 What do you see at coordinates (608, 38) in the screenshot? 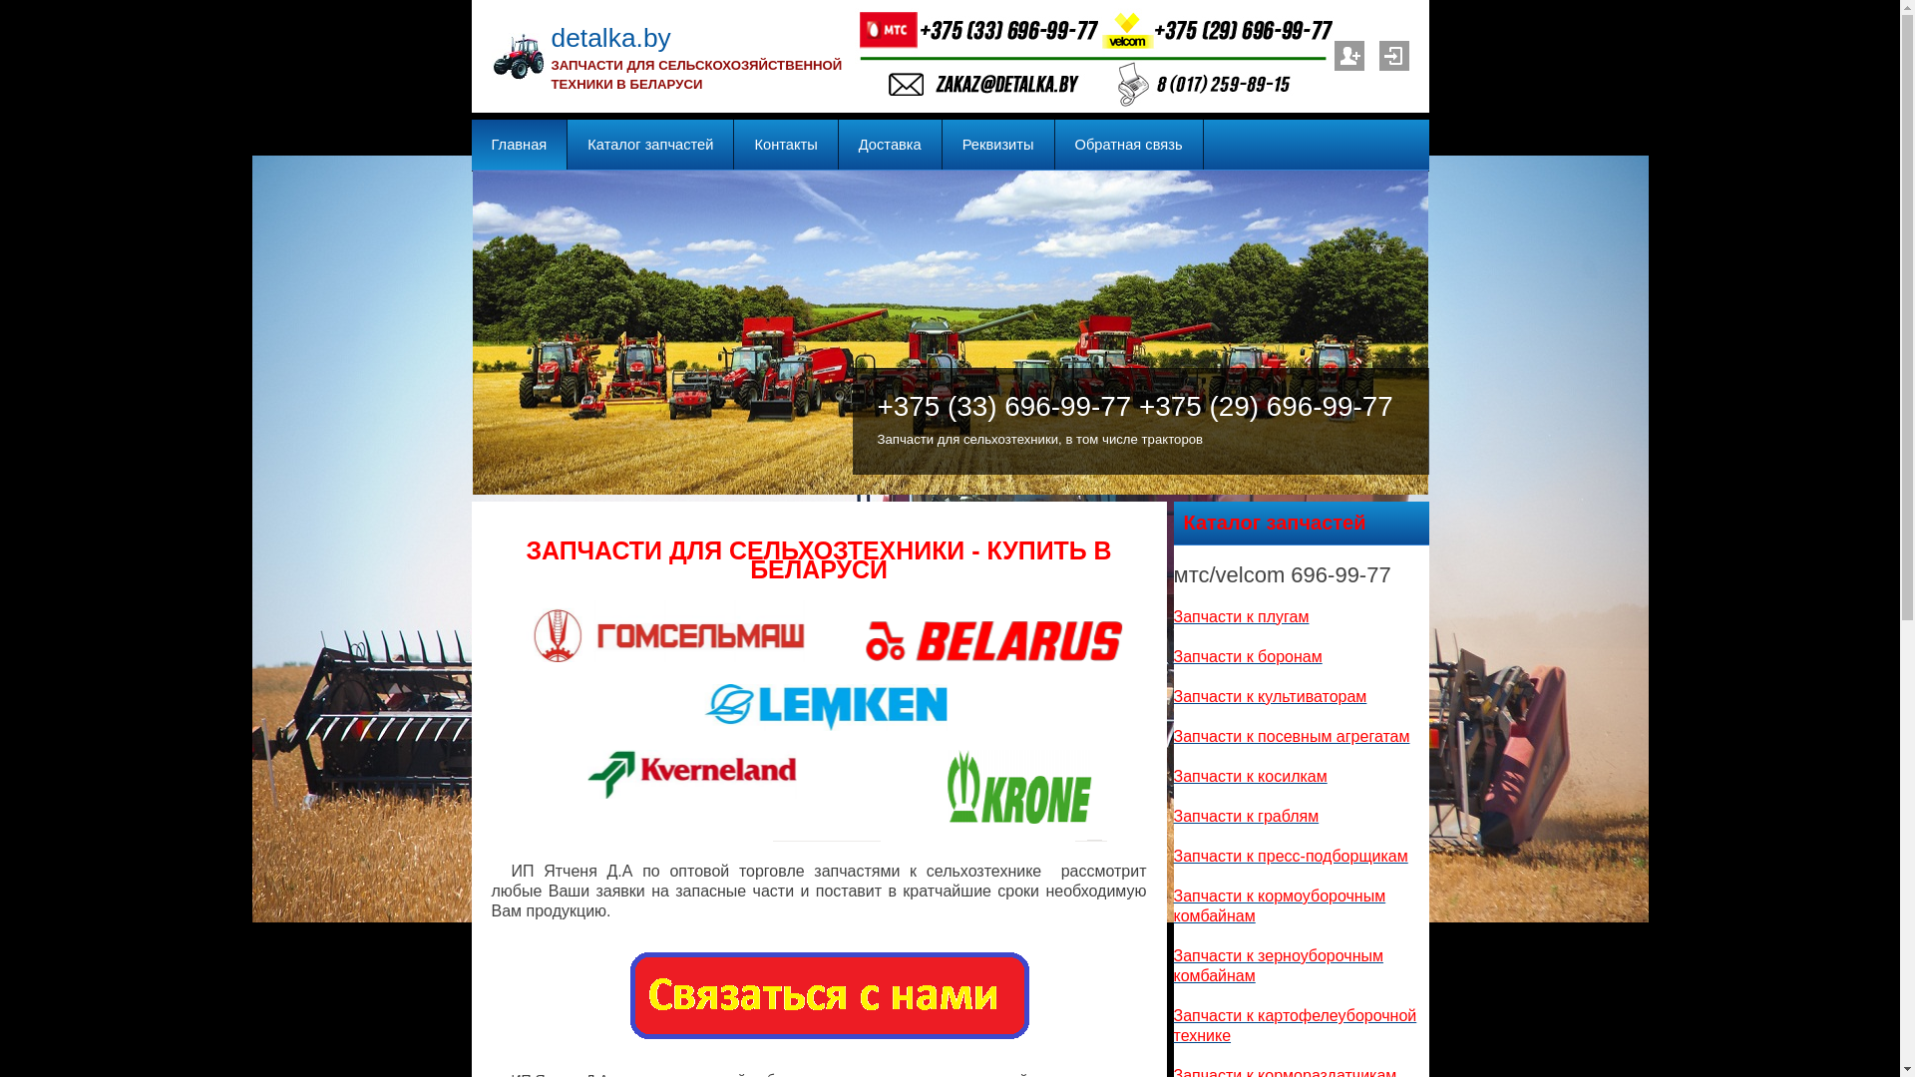
I see `'detalka.by'` at bounding box center [608, 38].